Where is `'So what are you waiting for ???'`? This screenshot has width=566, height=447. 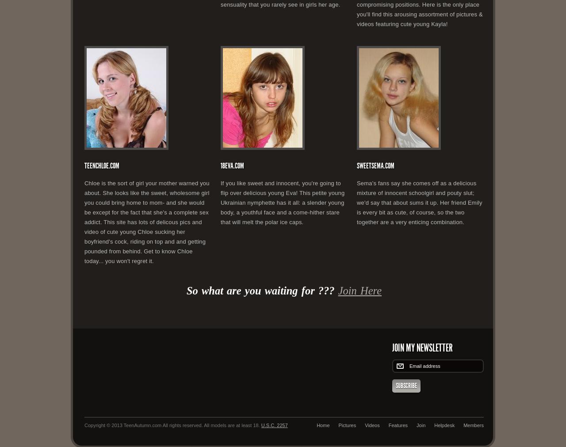
'So what are you waiting for ???' is located at coordinates (260, 290).